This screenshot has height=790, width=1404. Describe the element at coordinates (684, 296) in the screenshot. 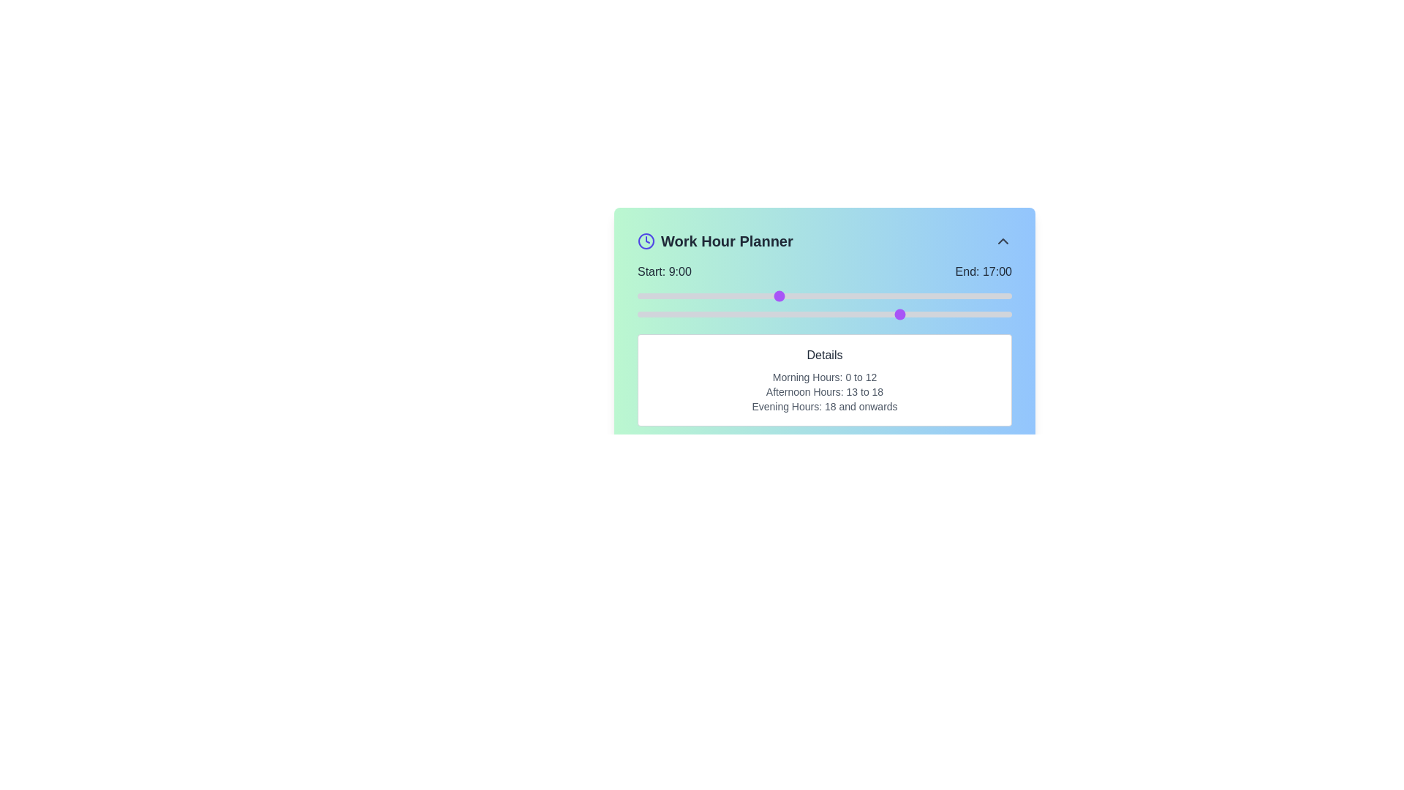

I see `the start time to 3 hours using the left slider` at that location.